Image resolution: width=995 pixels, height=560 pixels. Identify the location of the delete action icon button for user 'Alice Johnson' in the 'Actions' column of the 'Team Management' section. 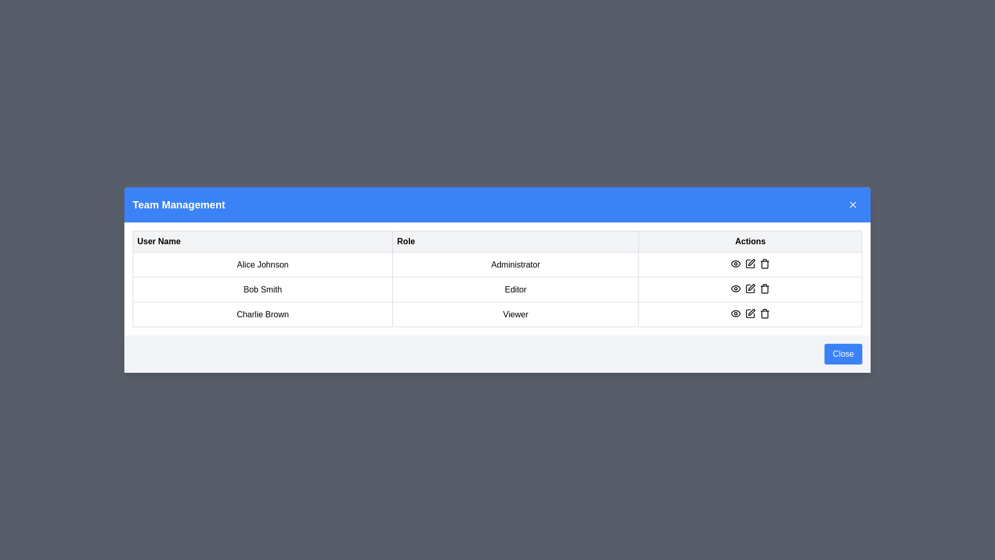
(765, 263).